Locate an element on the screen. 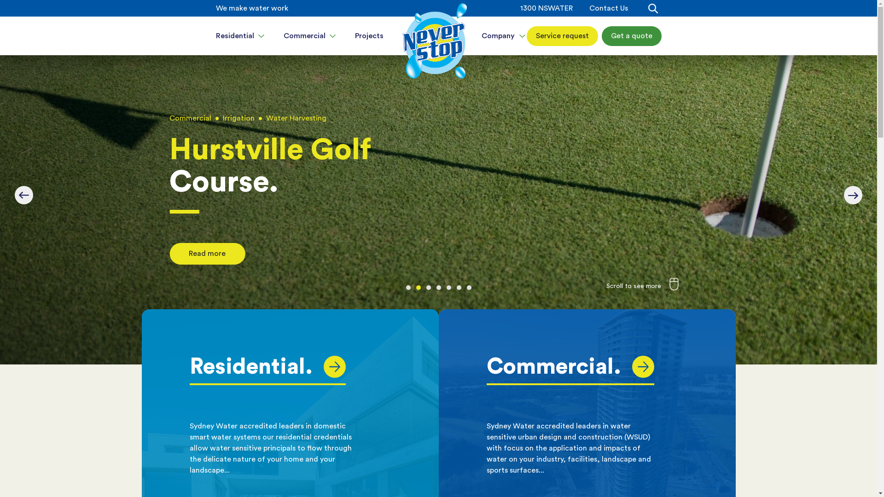 The width and height of the screenshot is (884, 497). 'Commercial.' is located at coordinates (570, 366).